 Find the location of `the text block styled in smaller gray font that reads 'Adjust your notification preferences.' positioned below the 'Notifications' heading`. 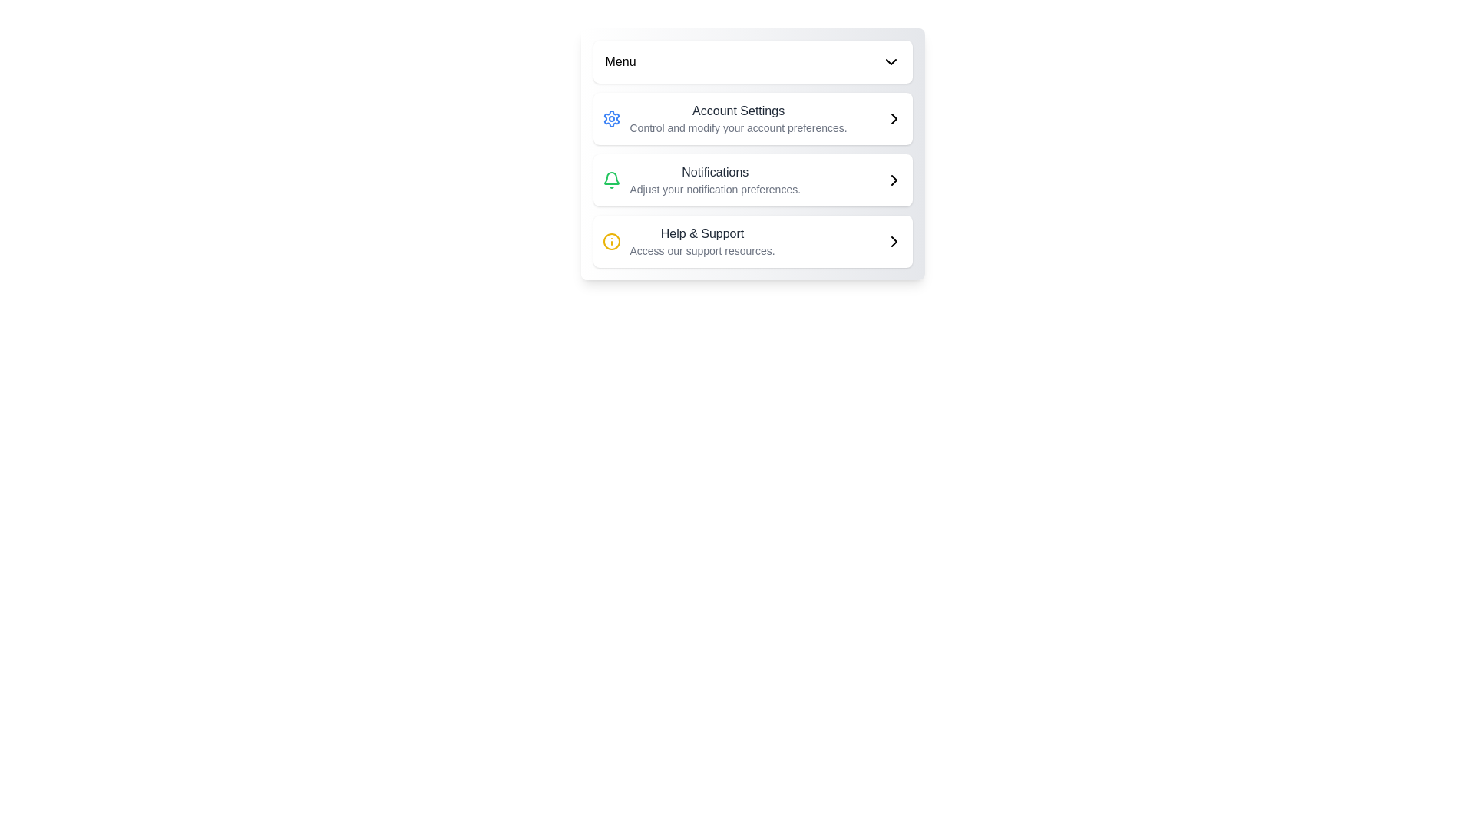

the text block styled in smaller gray font that reads 'Adjust your notification preferences.' positioned below the 'Notifications' heading is located at coordinates (714, 188).